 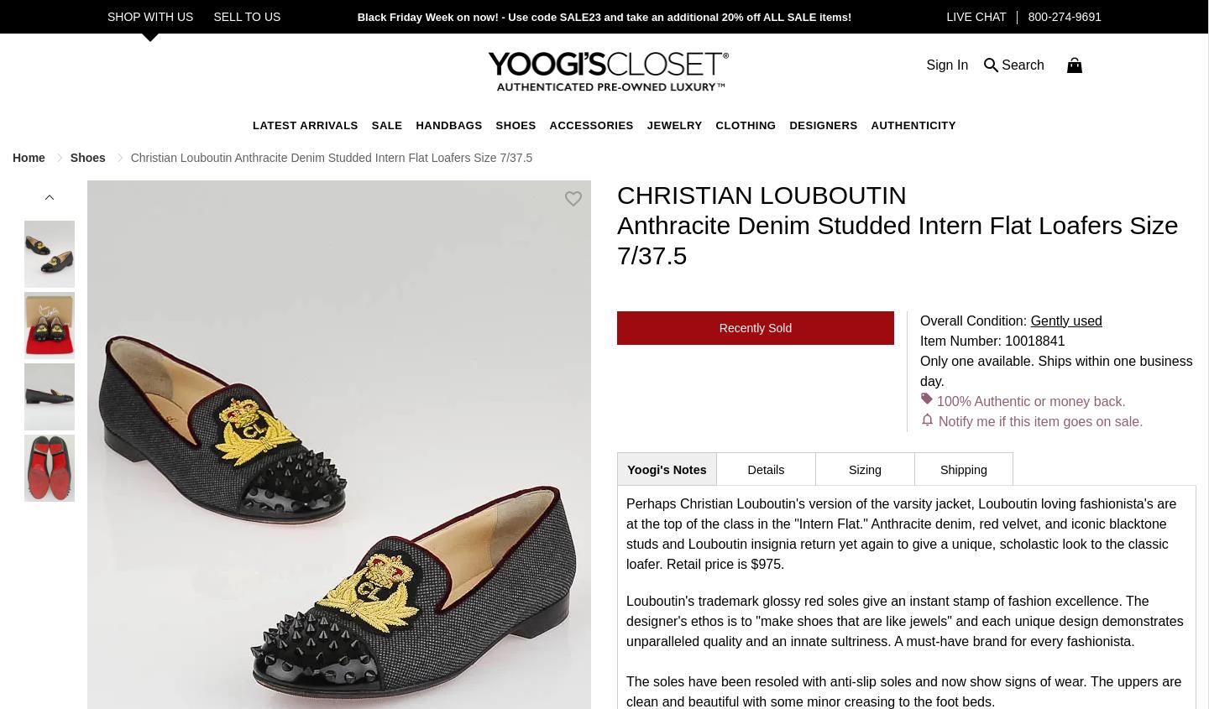 What do you see at coordinates (765, 467) in the screenshot?
I see `'Details'` at bounding box center [765, 467].